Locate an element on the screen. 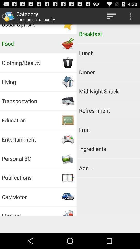  the icon right to the text category is located at coordinates (111, 16).